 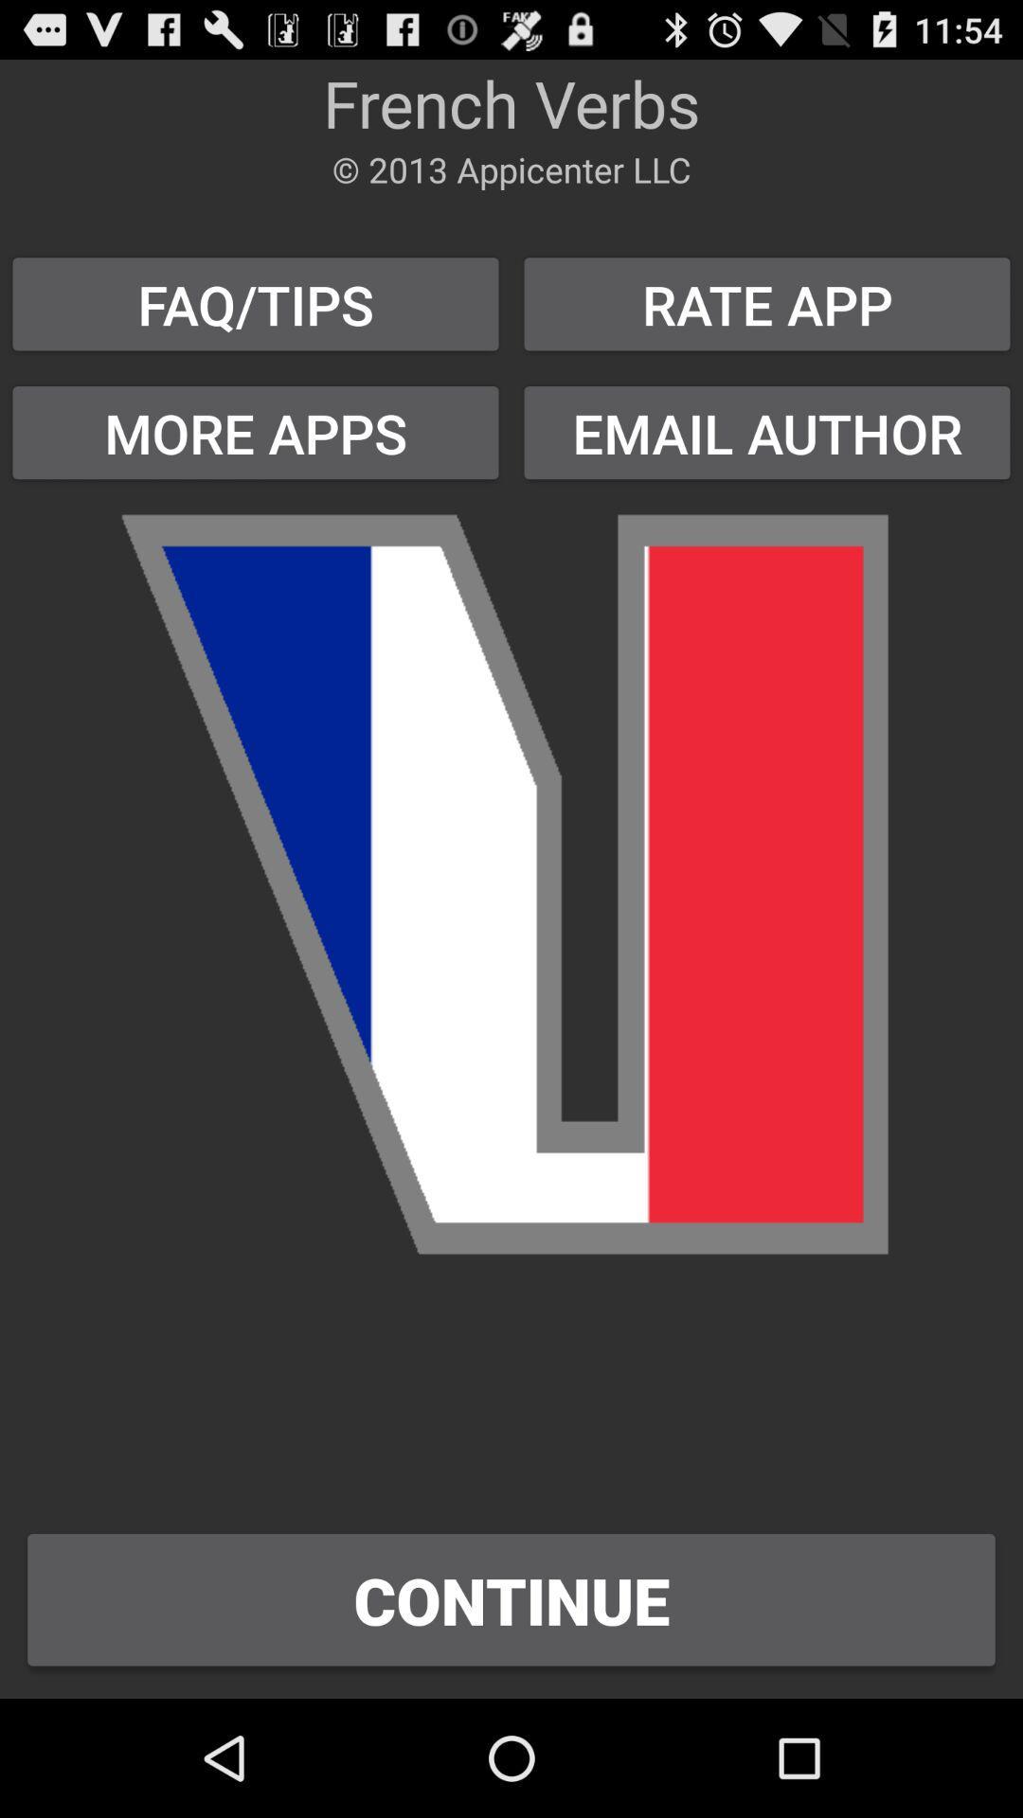 What do you see at coordinates (767, 304) in the screenshot?
I see `icon next to the faq/tips button` at bounding box center [767, 304].